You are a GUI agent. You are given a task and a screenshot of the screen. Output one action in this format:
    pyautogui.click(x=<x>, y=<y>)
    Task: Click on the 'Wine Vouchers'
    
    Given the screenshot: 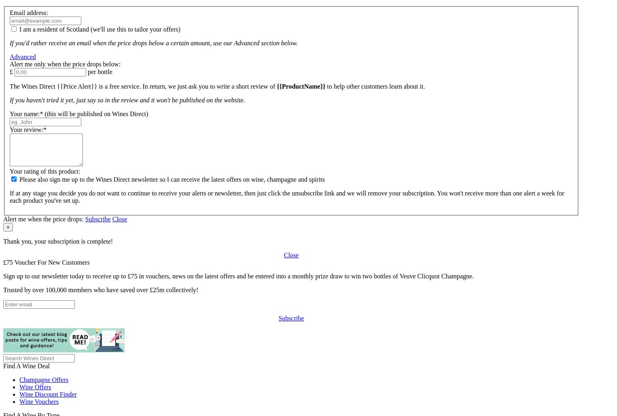 What is the action you would take?
    pyautogui.click(x=39, y=401)
    